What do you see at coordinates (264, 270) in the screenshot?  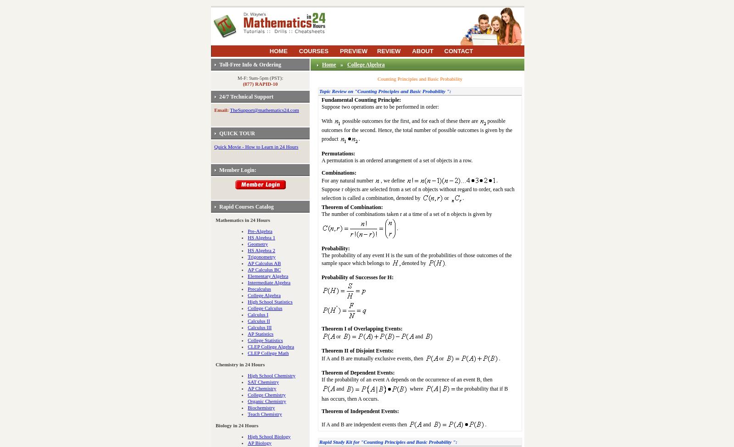 I see `'AP Calculus BC'` at bounding box center [264, 270].